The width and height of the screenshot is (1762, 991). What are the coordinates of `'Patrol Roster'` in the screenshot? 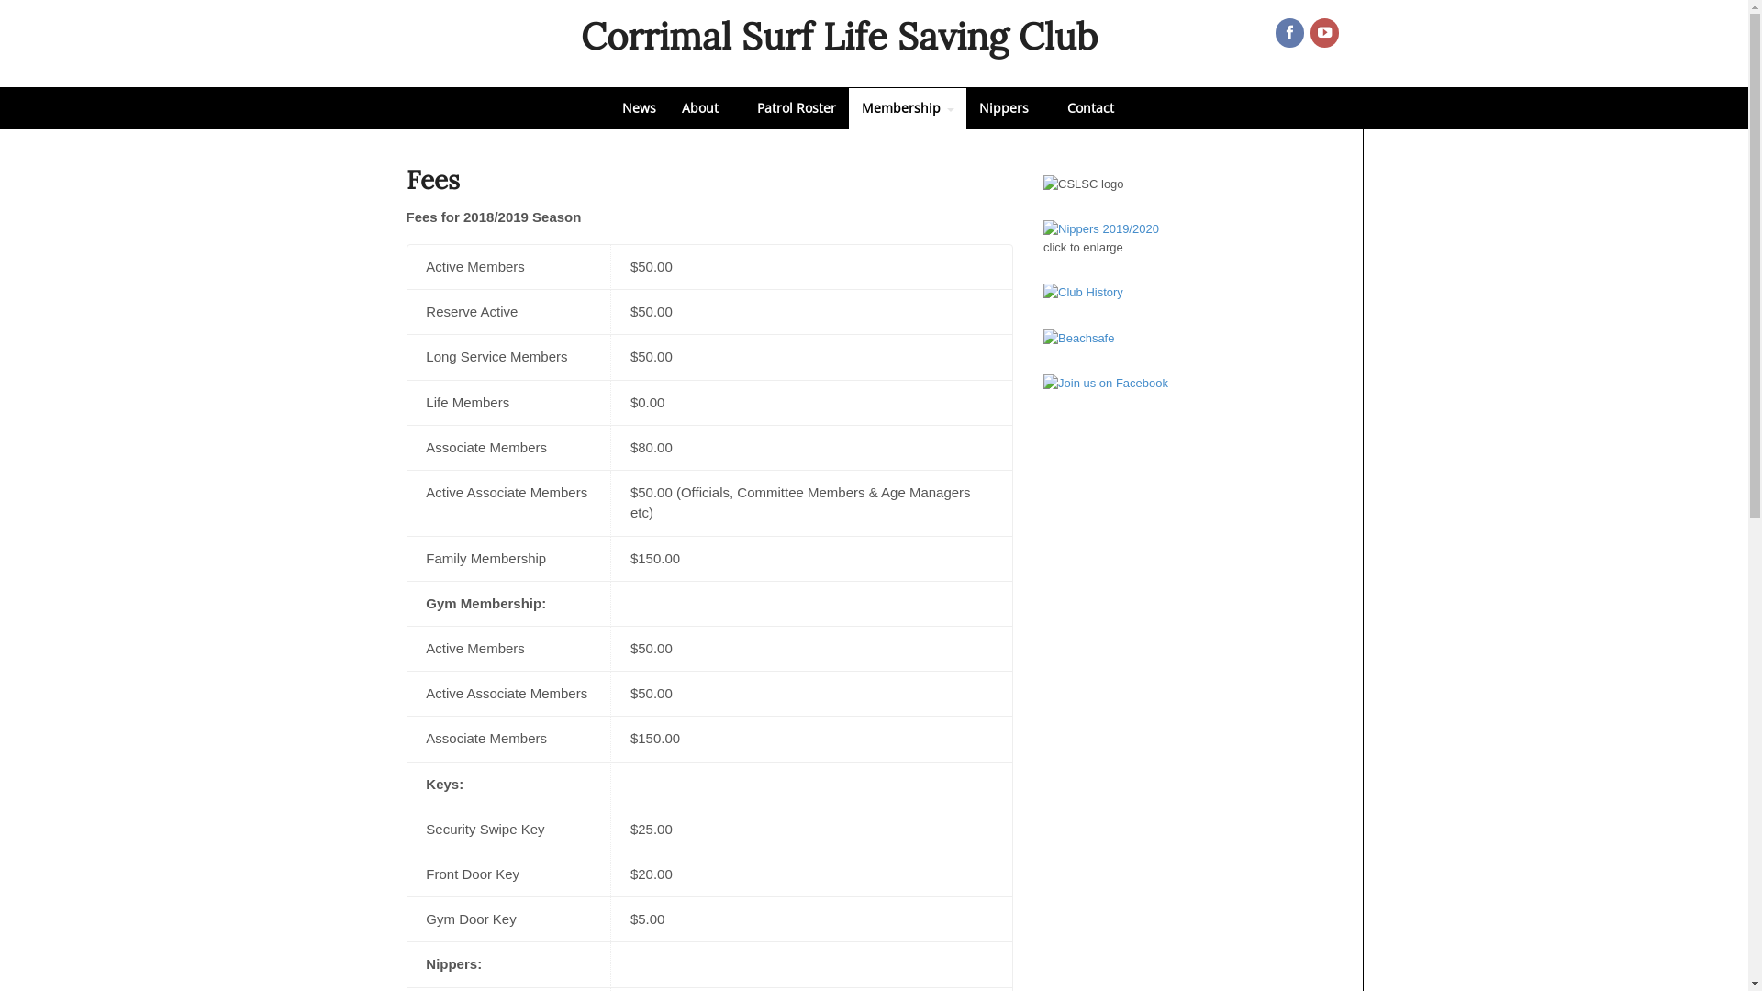 It's located at (743, 108).